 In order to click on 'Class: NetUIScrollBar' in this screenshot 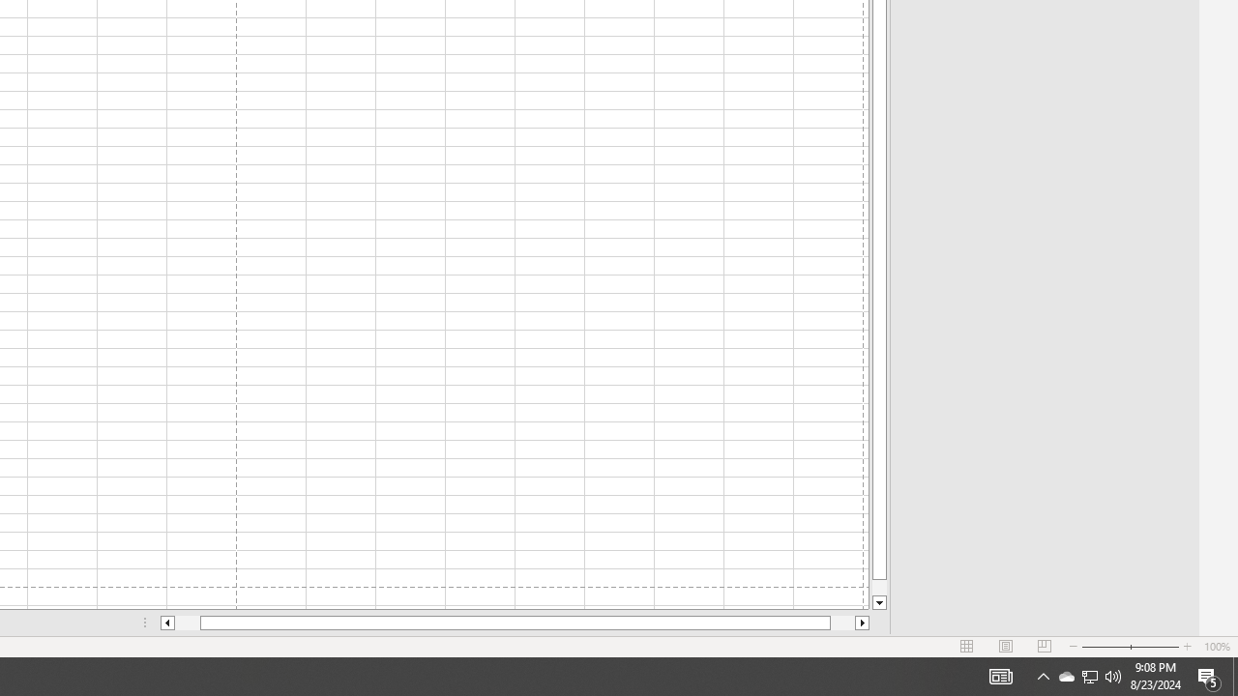, I will do `click(515, 623)`.